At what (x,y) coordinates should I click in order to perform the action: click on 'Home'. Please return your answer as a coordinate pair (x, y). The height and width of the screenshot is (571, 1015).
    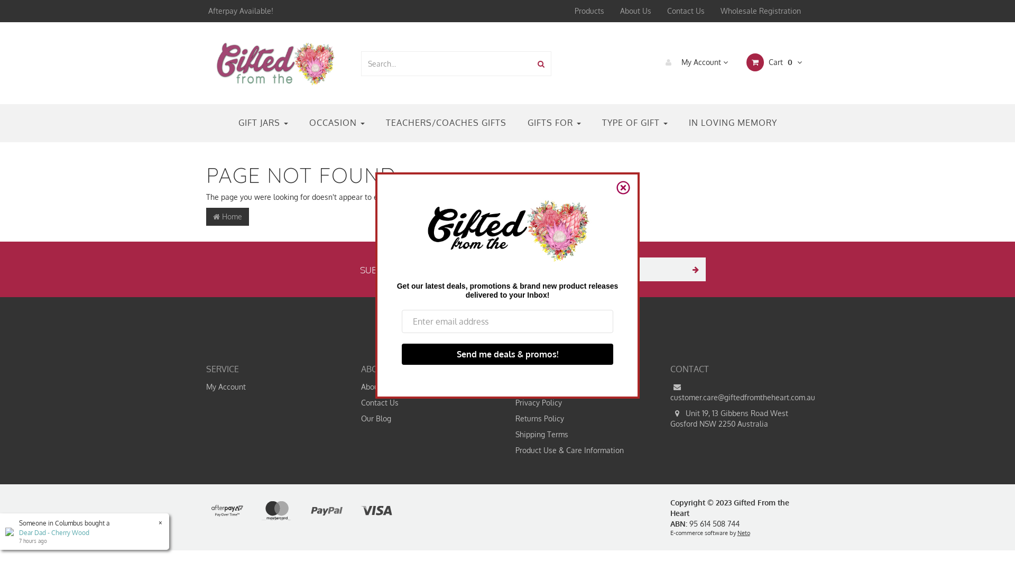
    Looking at the image, I should click on (227, 216).